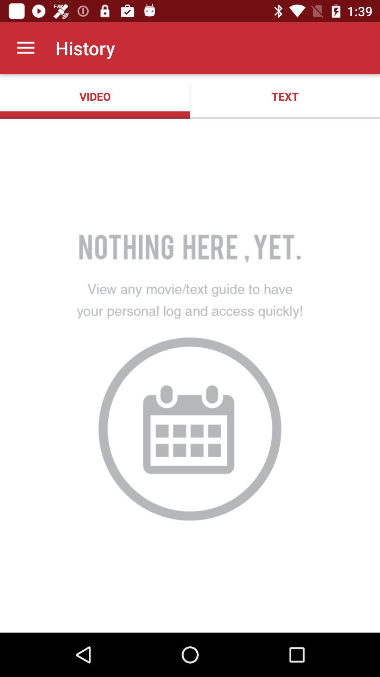 The height and width of the screenshot is (677, 380). I want to click on icon above video item, so click(25, 48).